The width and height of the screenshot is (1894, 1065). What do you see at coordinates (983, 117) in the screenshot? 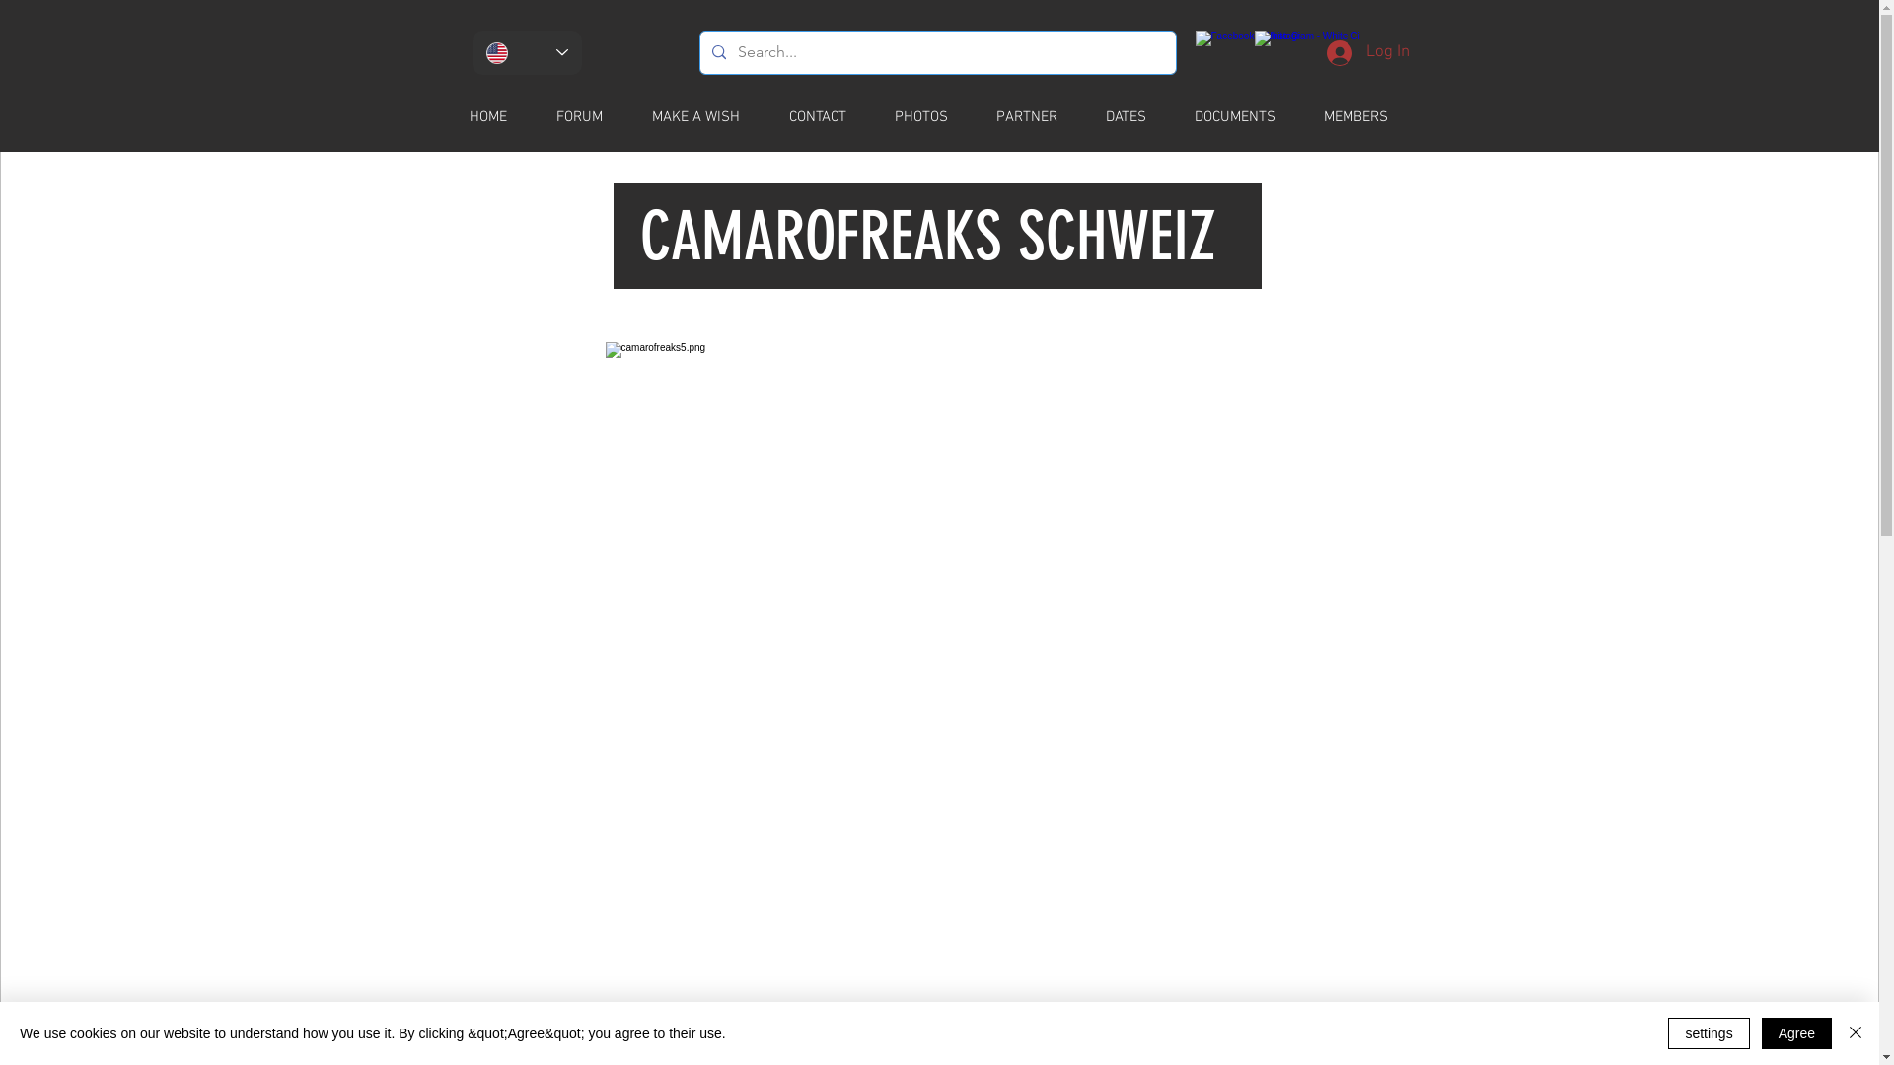
I see `'PARTNER'` at bounding box center [983, 117].